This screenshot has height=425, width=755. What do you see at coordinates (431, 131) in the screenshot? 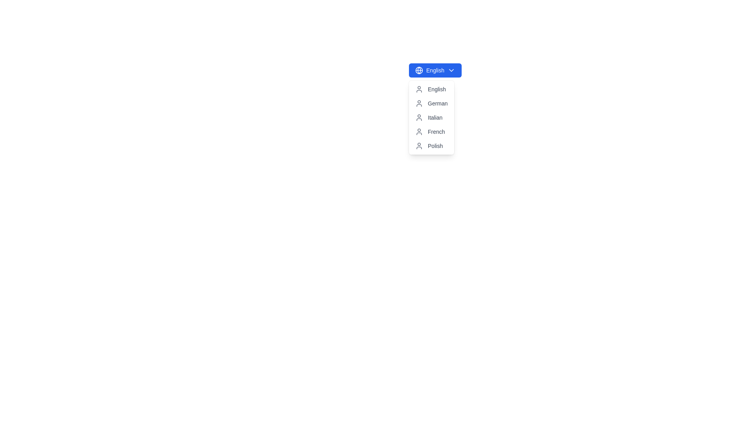
I see `the 'French' language option in the dropdown menu, which is the fourth item below 'Italian' and above 'Polish'` at bounding box center [431, 131].